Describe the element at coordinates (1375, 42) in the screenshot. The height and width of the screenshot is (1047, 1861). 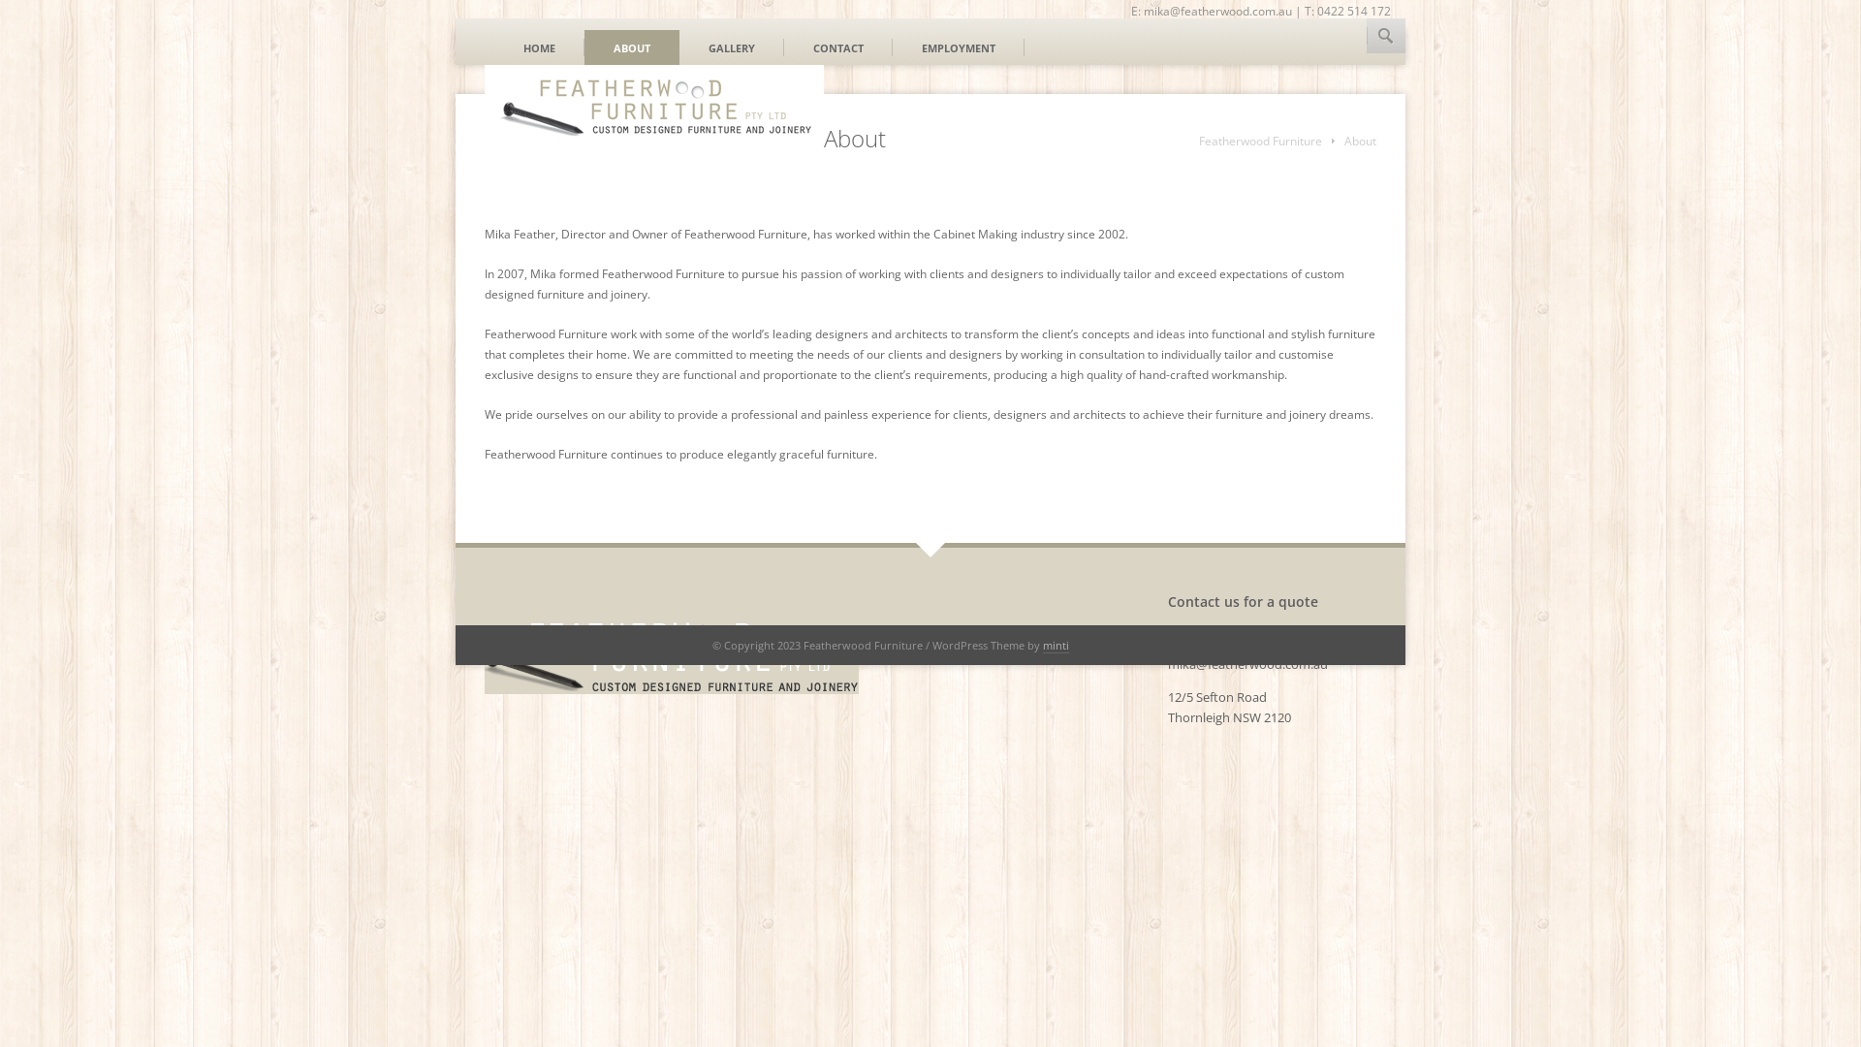
I see `'HOUZZ'` at that location.